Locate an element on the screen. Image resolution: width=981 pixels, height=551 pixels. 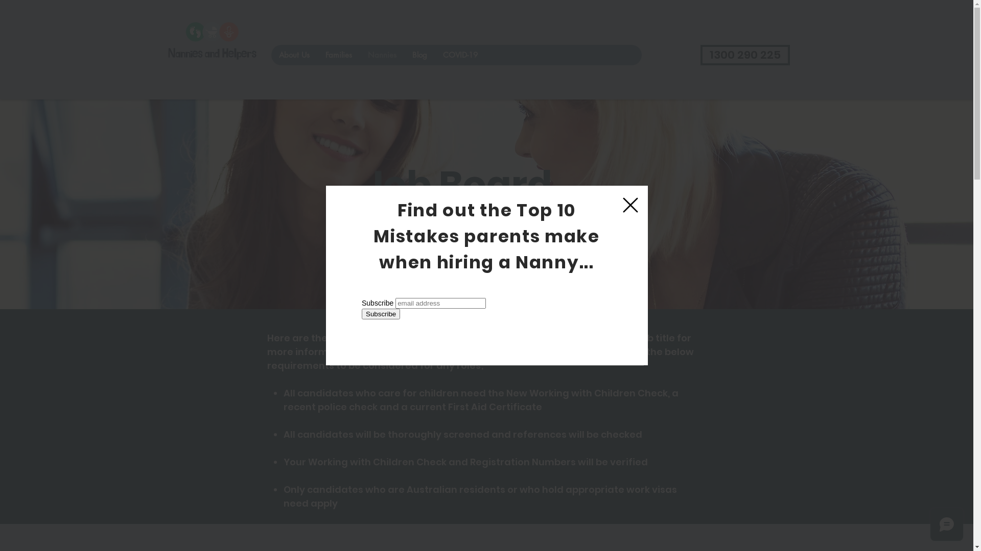
'Nannies' is located at coordinates (381, 55).